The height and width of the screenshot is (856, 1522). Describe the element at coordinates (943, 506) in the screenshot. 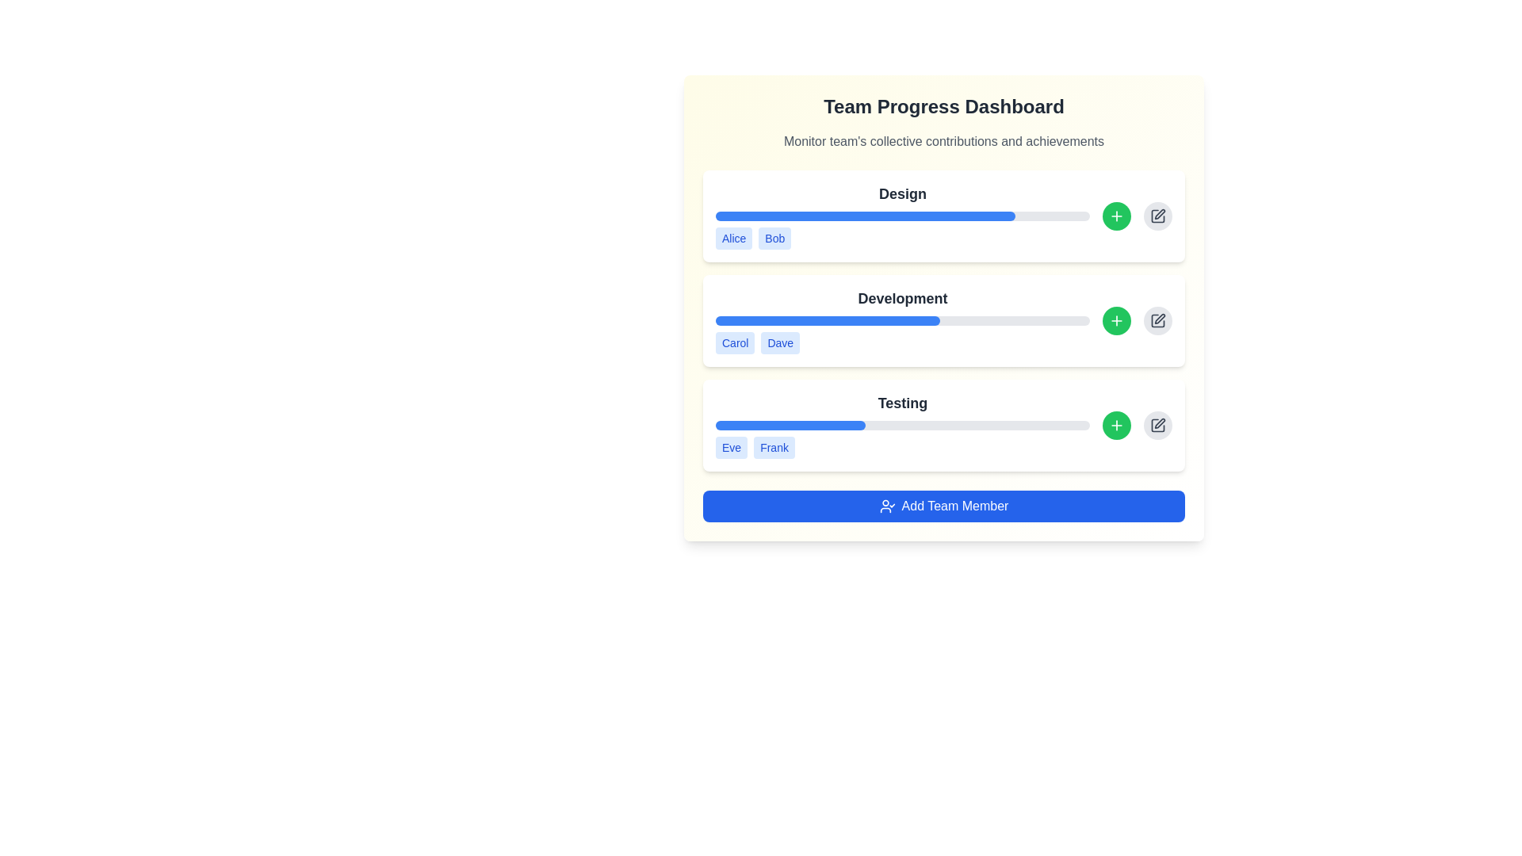

I see `the interactive button located at the bottom center of the 'Team Progress Dashboard'` at that location.